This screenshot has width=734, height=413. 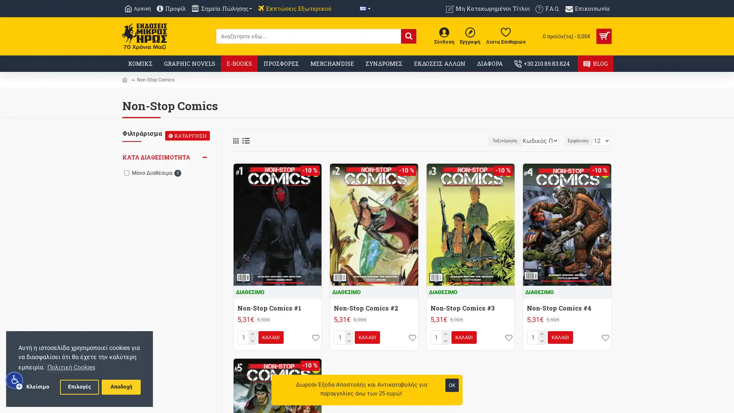 What do you see at coordinates (120, 387) in the screenshot?
I see `allow cookies` at bounding box center [120, 387].